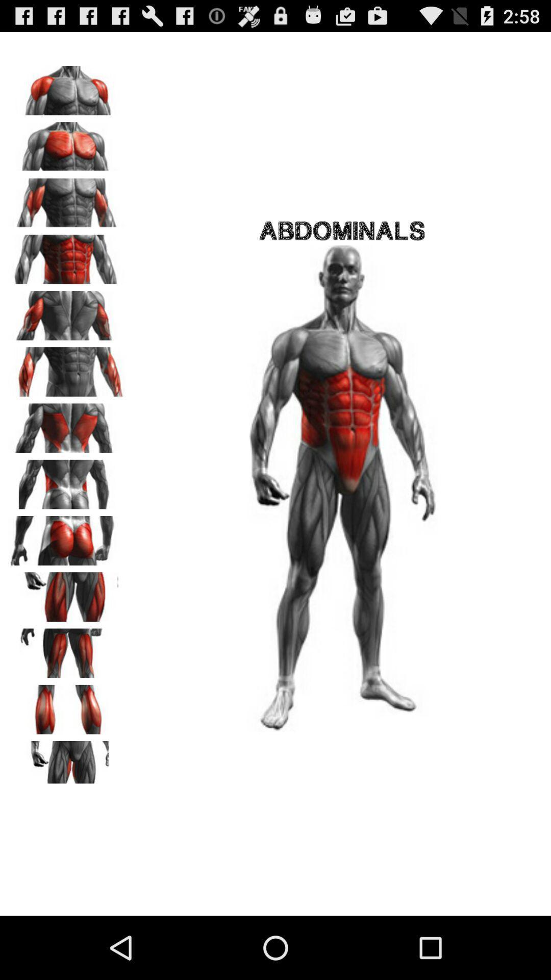  What do you see at coordinates (67, 200) in the screenshot?
I see `switch image option` at bounding box center [67, 200].